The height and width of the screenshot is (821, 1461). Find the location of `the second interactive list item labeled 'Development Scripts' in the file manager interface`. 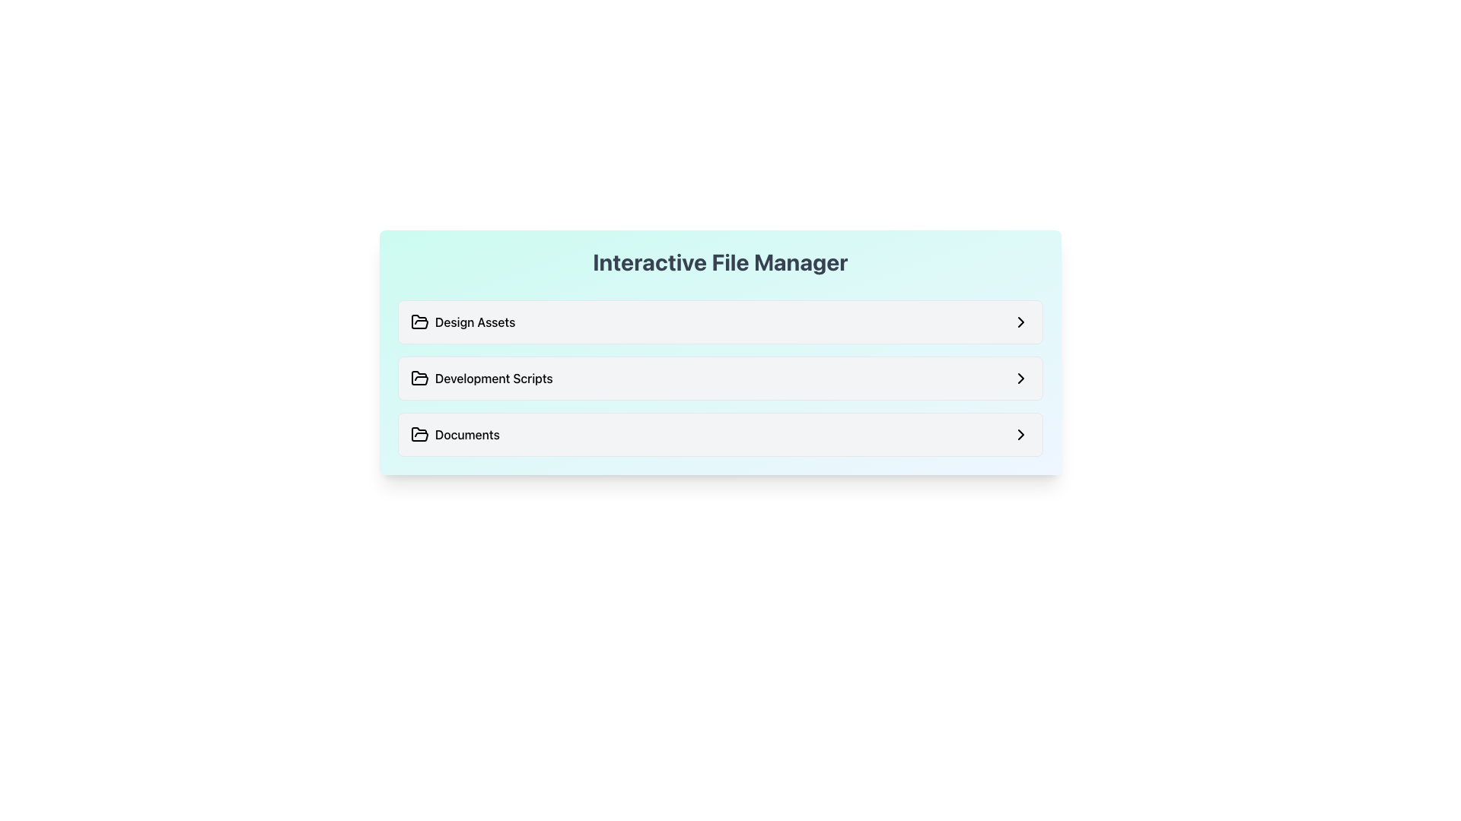

the second interactive list item labeled 'Development Scripts' in the file manager interface is located at coordinates (719, 377).